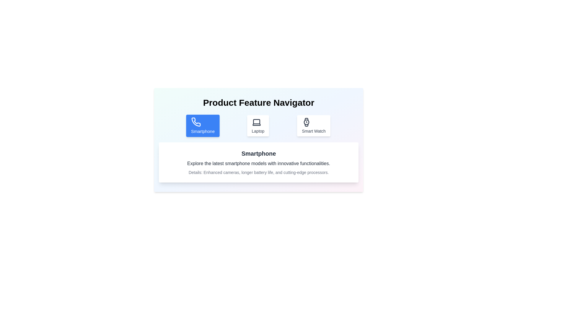 This screenshot has height=319, width=567. I want to click on the feature tab corresponding to Laptop to observe its icon and details, so click(258, 125).